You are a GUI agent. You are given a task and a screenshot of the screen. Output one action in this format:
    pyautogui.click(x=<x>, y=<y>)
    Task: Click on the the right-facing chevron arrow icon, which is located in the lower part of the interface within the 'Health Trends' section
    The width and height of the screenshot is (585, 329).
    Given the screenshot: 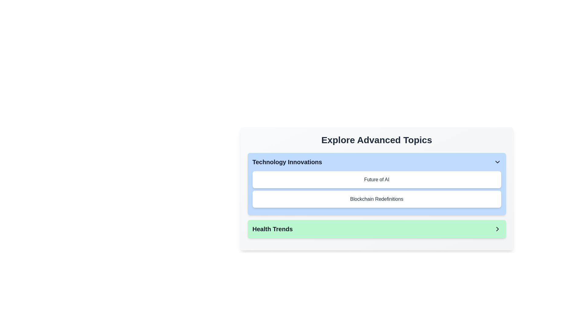 What is the action you would take?
    pyautogui.click(x=497, y=229)
    